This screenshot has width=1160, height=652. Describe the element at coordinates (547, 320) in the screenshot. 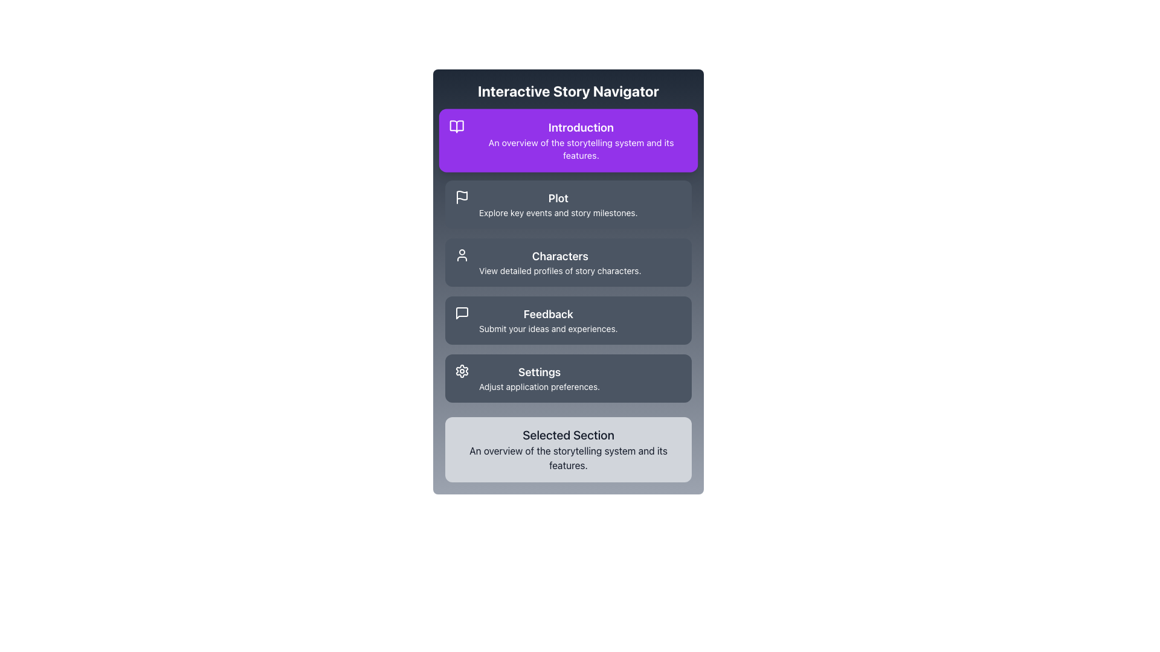

I see `the 'Feedback' text label within the third navigation item of the 'Interactive Story Navigator' menu, which provides supplementary information for user interaction` at that location.